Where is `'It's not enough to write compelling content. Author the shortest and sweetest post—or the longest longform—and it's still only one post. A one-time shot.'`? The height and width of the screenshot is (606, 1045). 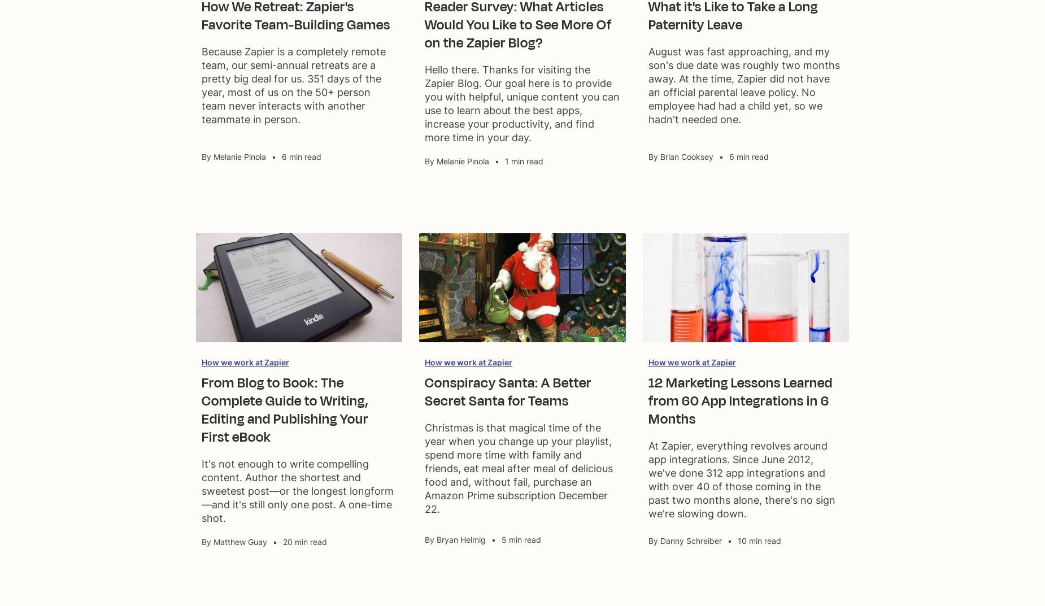
'It's not enough to write compelling content. Author the shortest and sweetest post—or the longest longform—and it's still only one post. A one-time shot.' is located at coordinates (298, 490).